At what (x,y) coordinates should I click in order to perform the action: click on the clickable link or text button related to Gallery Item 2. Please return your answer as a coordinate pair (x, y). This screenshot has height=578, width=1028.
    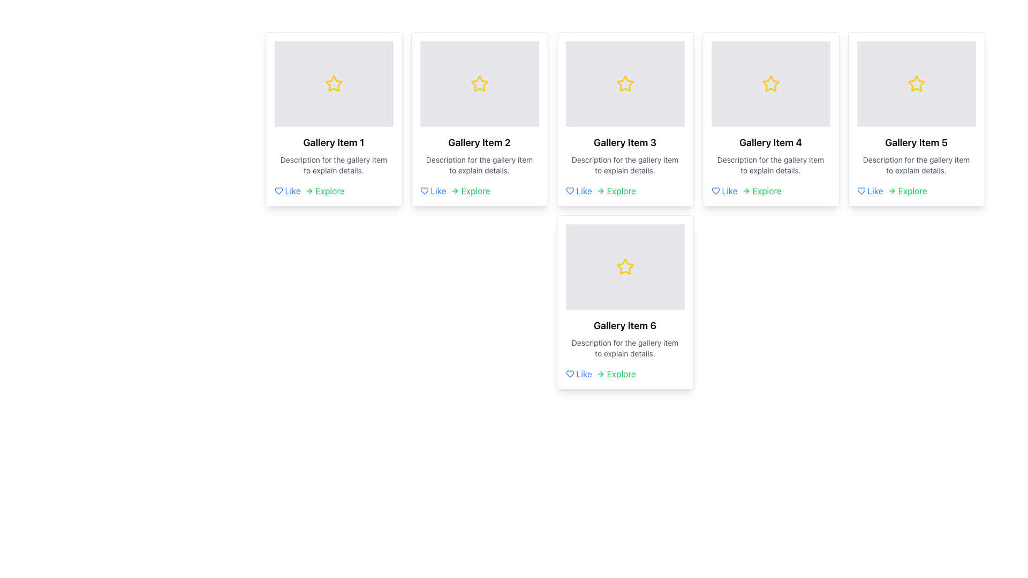
    Looking at the image, I should click on (470, 191).